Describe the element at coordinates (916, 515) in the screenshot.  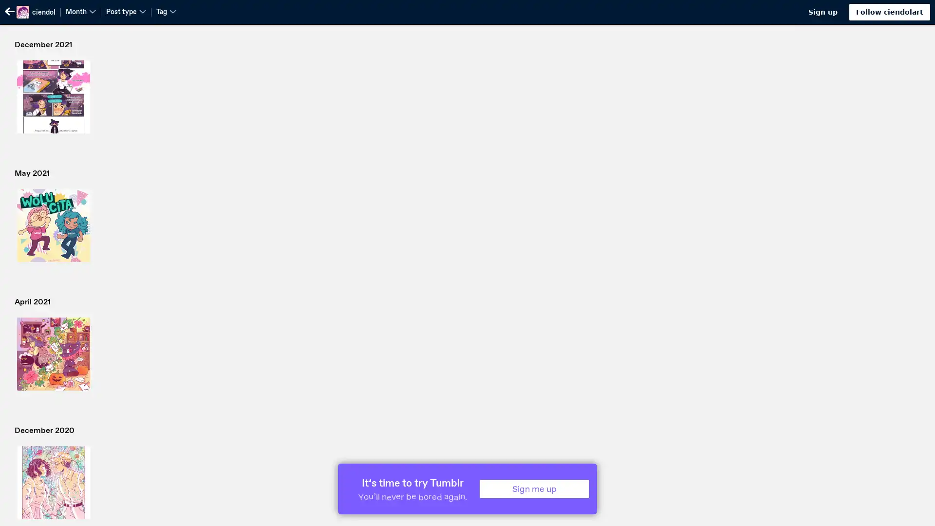
I see `Scroll to top` at that location.